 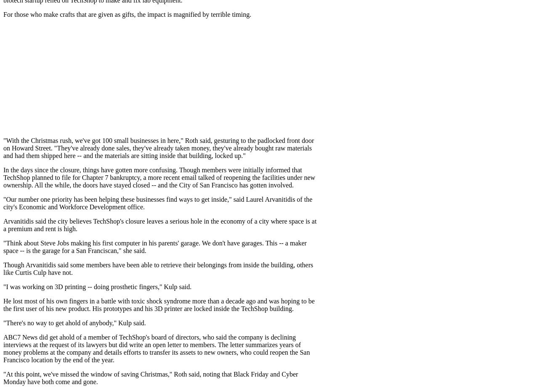 What do you see at coordinates (158, 148) in the screenshot?
I see `'"With the Christmas rush, we've got 100 small businesses in here," Roth said, gesturing to the padlocked front door on Howard Street. "They've already done sales, they've already taken money, they've already bought raw materials and had them shipped here -- and the materials are sitting inside that building, locked up."'` at bounding box center [158, 148].